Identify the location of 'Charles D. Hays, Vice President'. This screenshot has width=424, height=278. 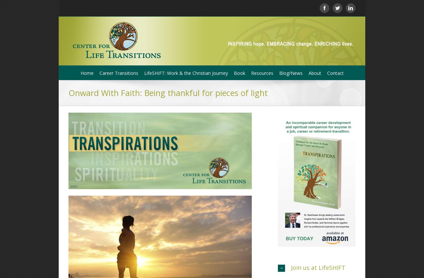
(267, 148).